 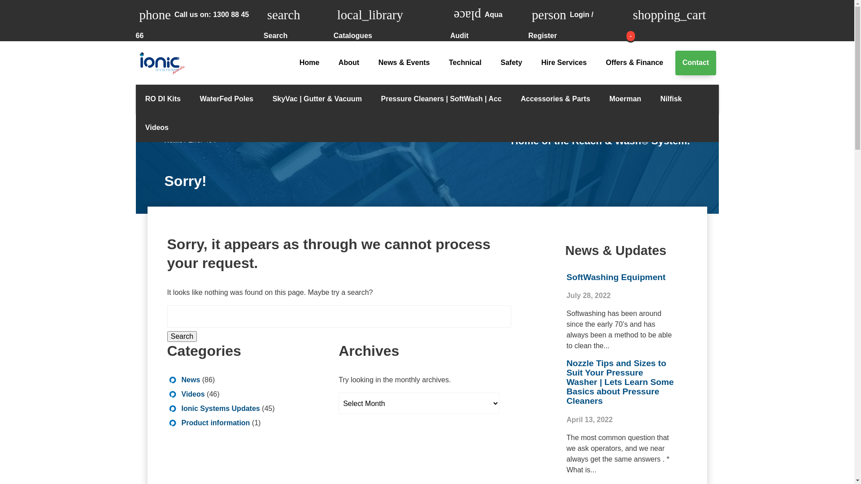 I want to click on 'SkyVac | Gutter & Vacuum', so click(x=317, y=99).